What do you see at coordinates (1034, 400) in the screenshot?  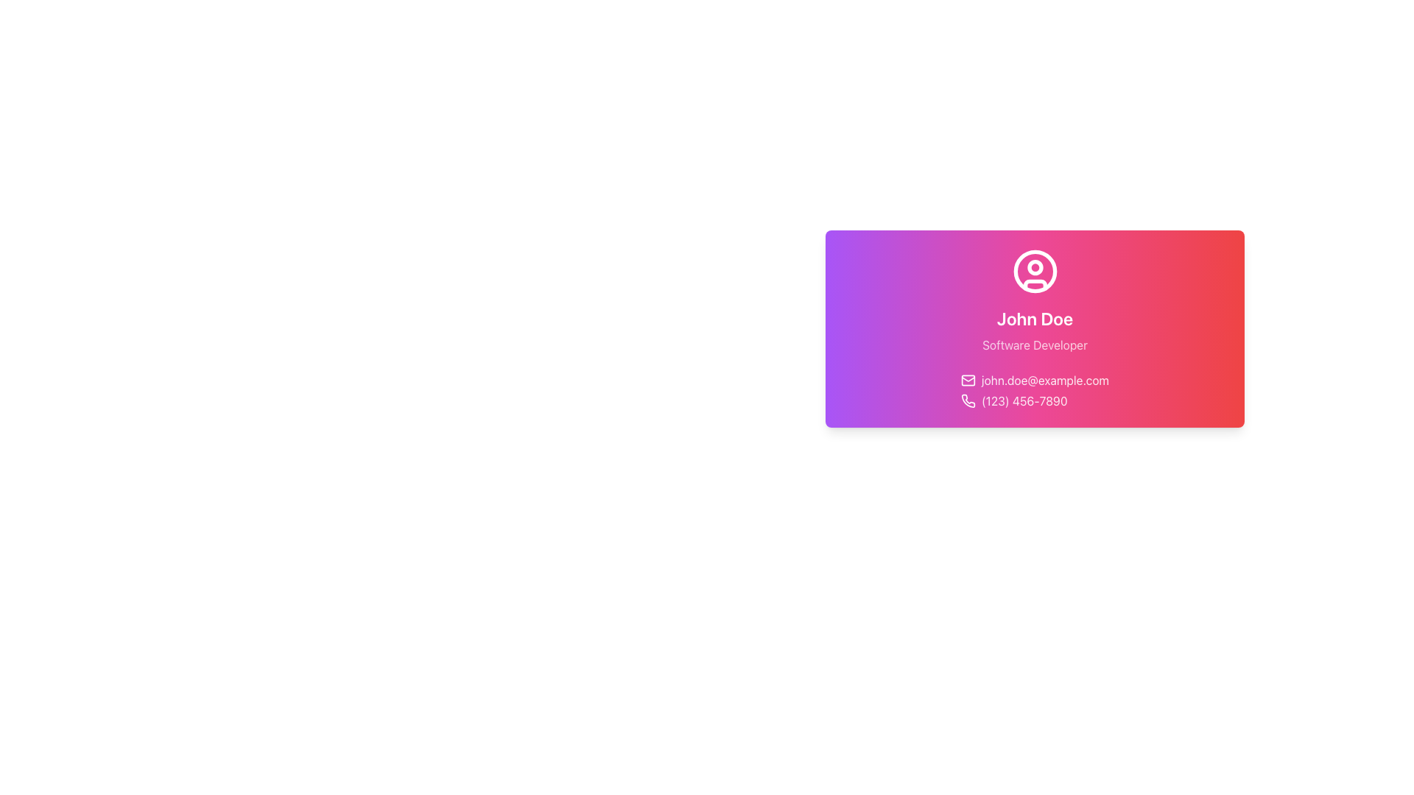 I see `the Contact Information Display which shows the phone number '(123) 456-7890' and a phone icon, located below the email address element` at bounding box center [1034, 400].